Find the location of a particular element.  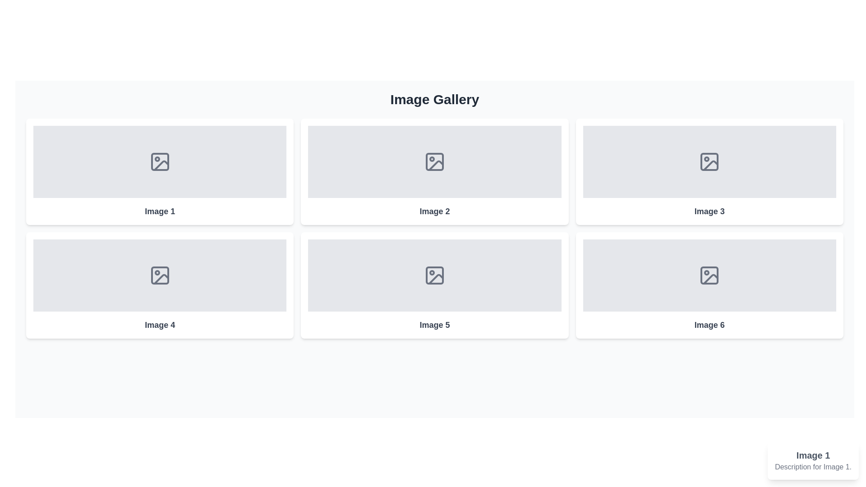

the first card UI component in the image gallery is located at coordinates (160, 172).